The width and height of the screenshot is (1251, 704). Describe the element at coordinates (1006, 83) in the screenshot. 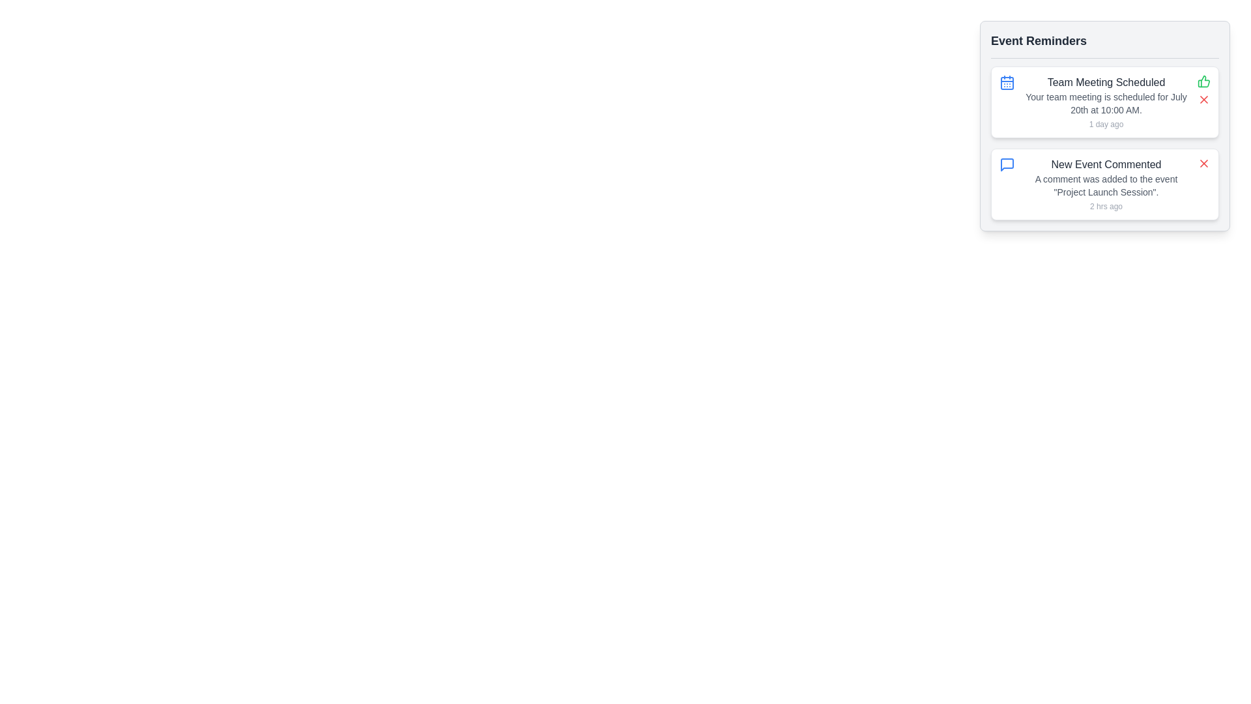

I see `the calendar icon that represents a scheduled event in the 'Event Reminders' section of the notification card titled 'Team Meeting Scheduled.'` at that location.